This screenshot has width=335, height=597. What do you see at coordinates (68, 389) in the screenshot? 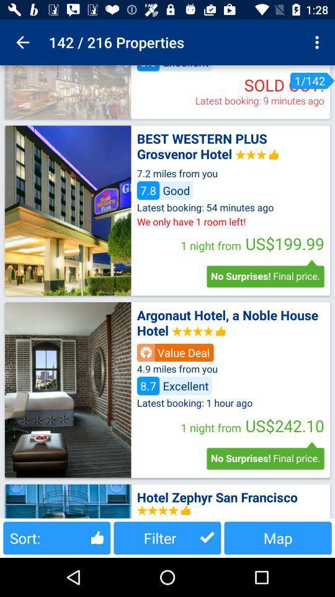
I see `this hotel` at bounding box center [68, 389].